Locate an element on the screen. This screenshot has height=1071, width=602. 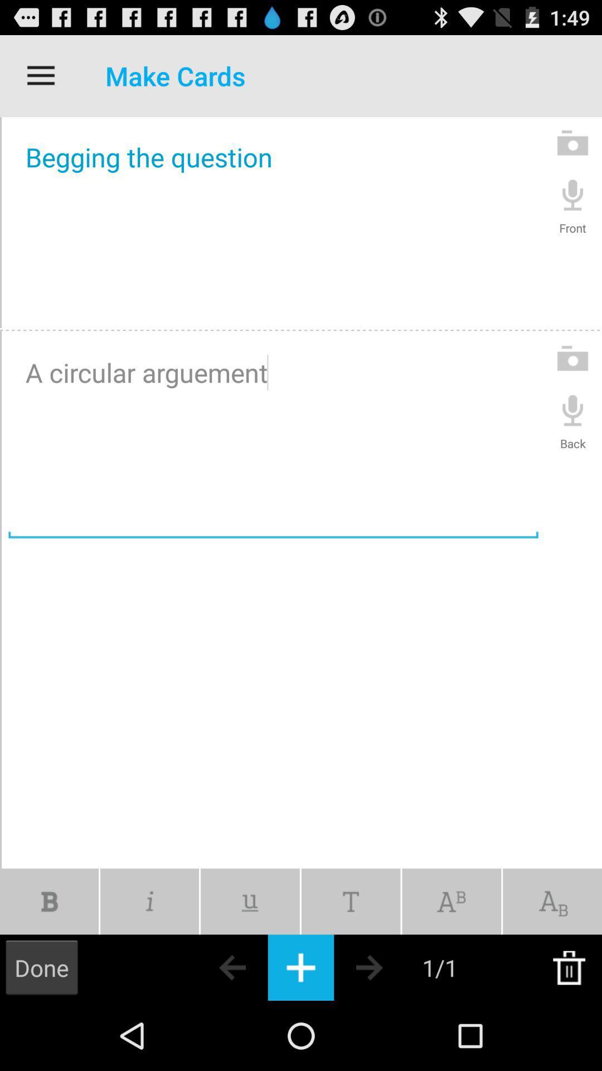
the photo icon is located at coordinates (572, 383).